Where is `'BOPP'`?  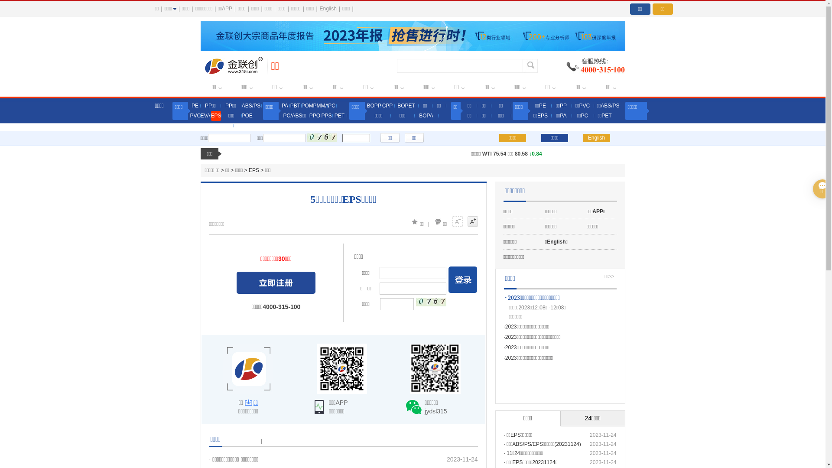
'BOPP' is located at coordinates (373, 105).